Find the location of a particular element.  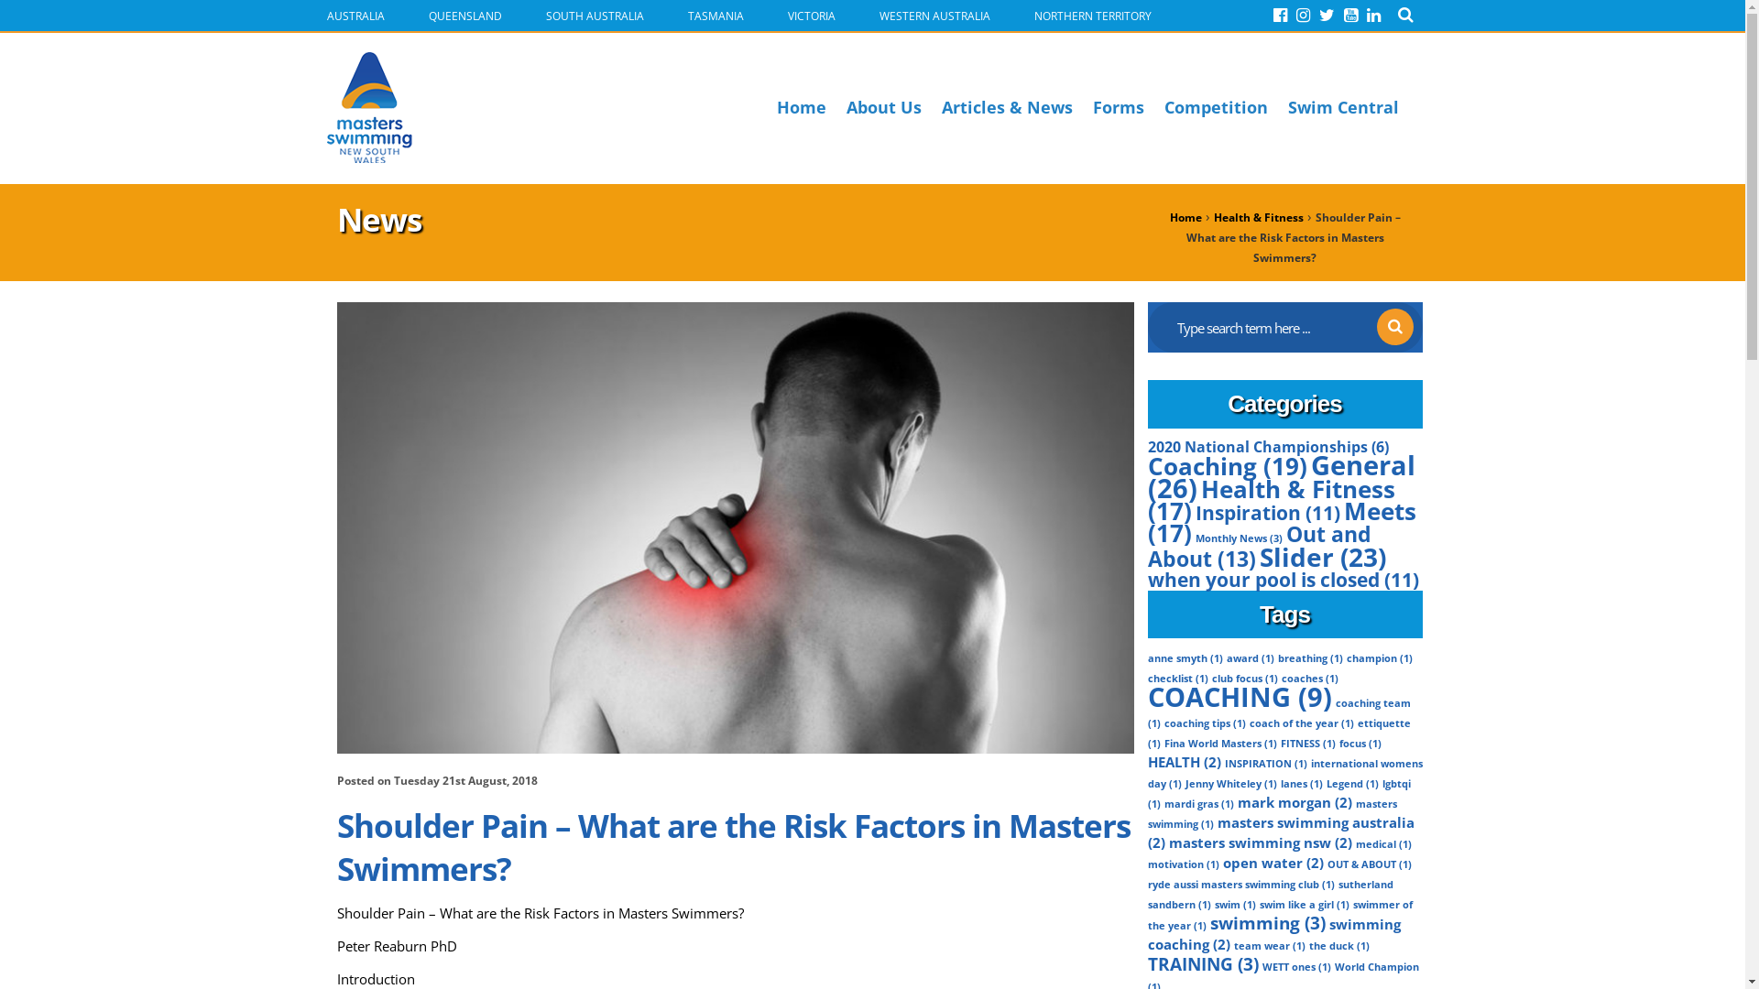

'VICTORIA' is located at coordinates (808, 14).